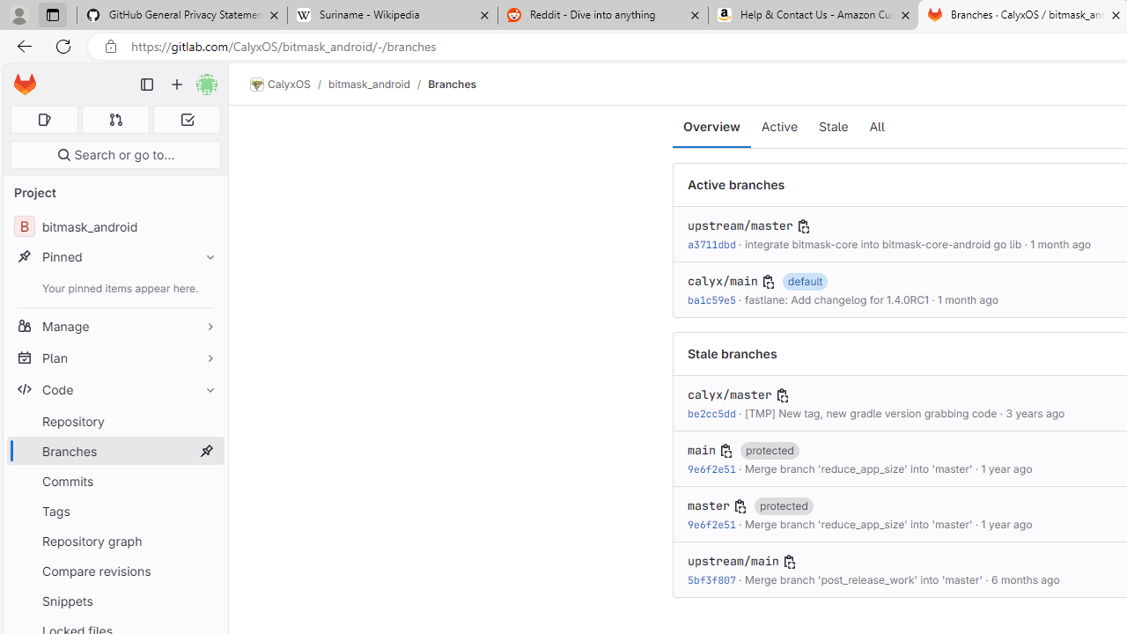 This screenshot has height=634, width=1127. I want to click on 'Pin Repository graph', so click(206, 540).